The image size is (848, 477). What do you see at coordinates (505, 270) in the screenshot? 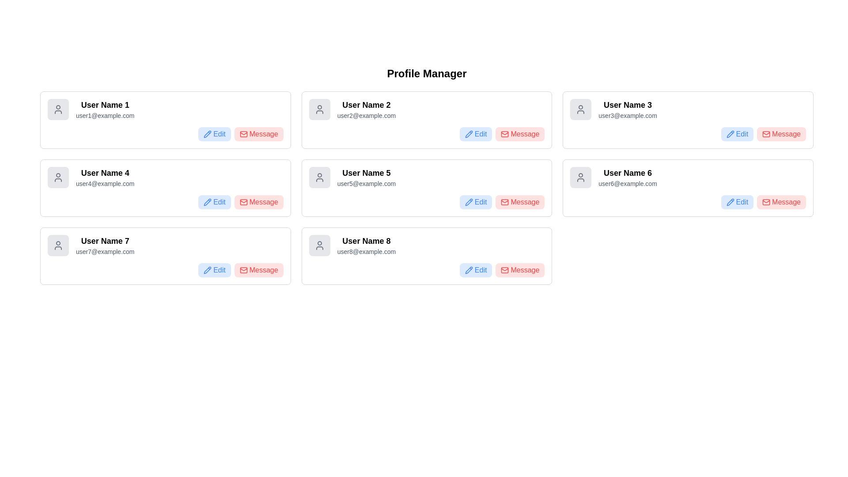
I see `the mail icon represented by a red envelope symbol inside the 'Message' button for 'User Name 5', located in the second row, second column of the grid layout` at bounding box center [505, 270].